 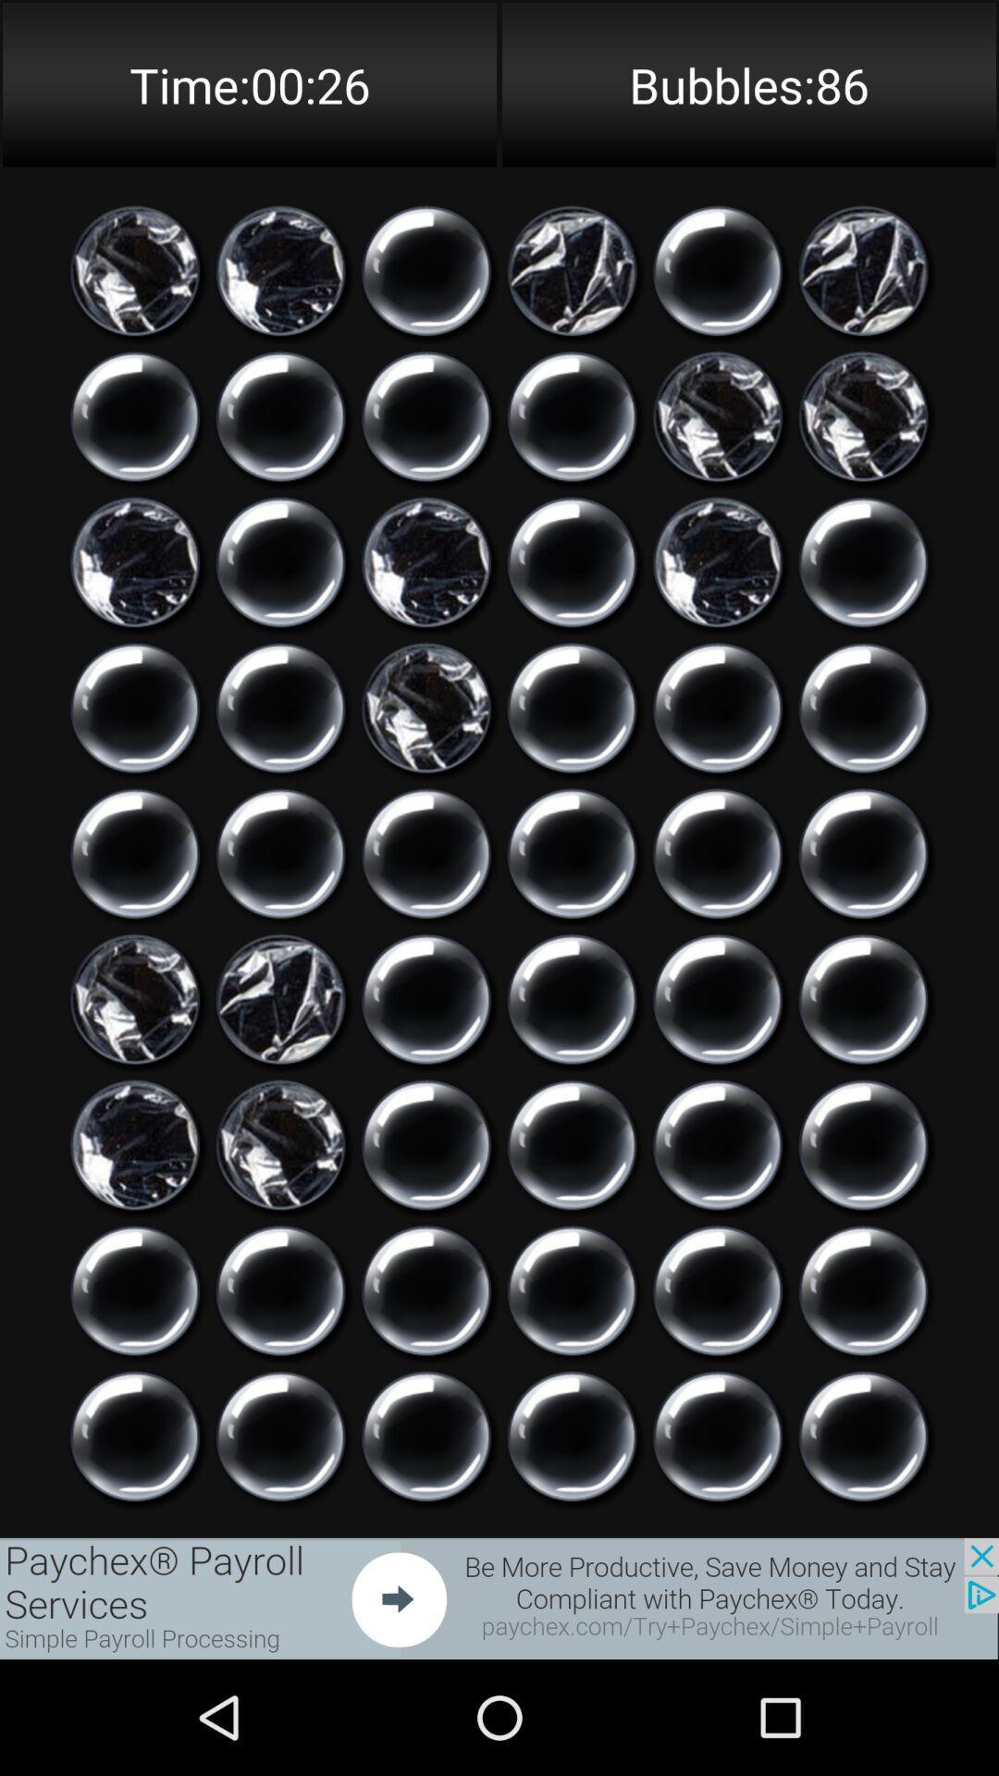 What do you see at coordinates (571, 270) in the screenshot?
I see `popped bubble` at bounding box center [571, 270].